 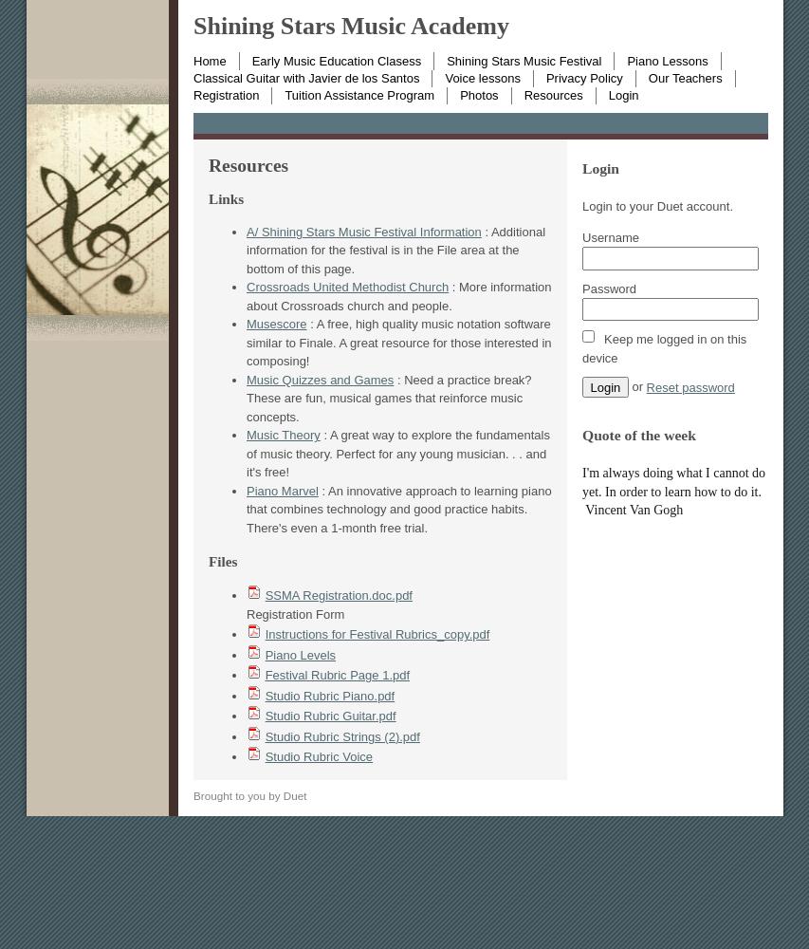 What do you see at coordinates (580, 433) in the screenshot?
I see `'Quote of the week'` at bounding box center [580, 433].